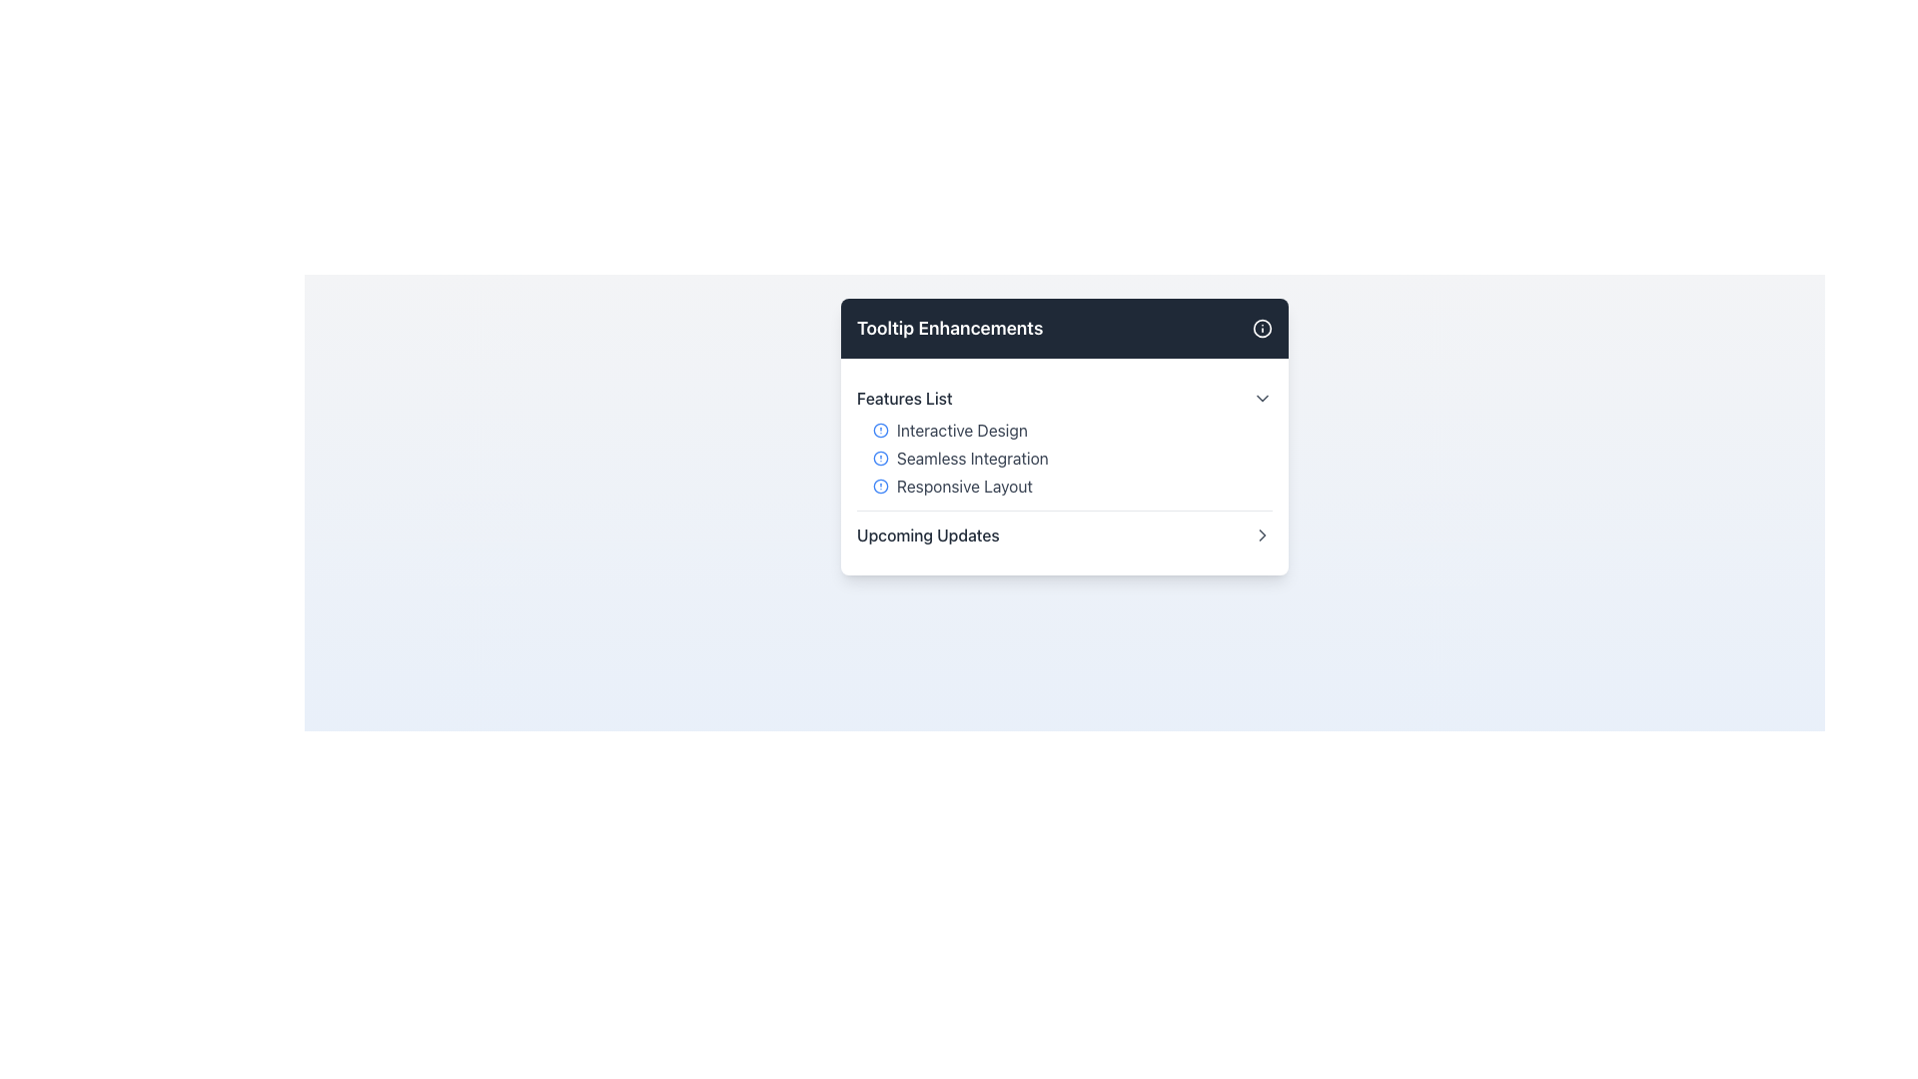 Image resolution: width=1918 pixels, height=1079 pixels. What do you see at coordinates (927, 535) in the screenshot?
I see `the 'Upcoming Updates' text label located in the second-to-last row of the dropdown panel` at bounding box center [927, 535].